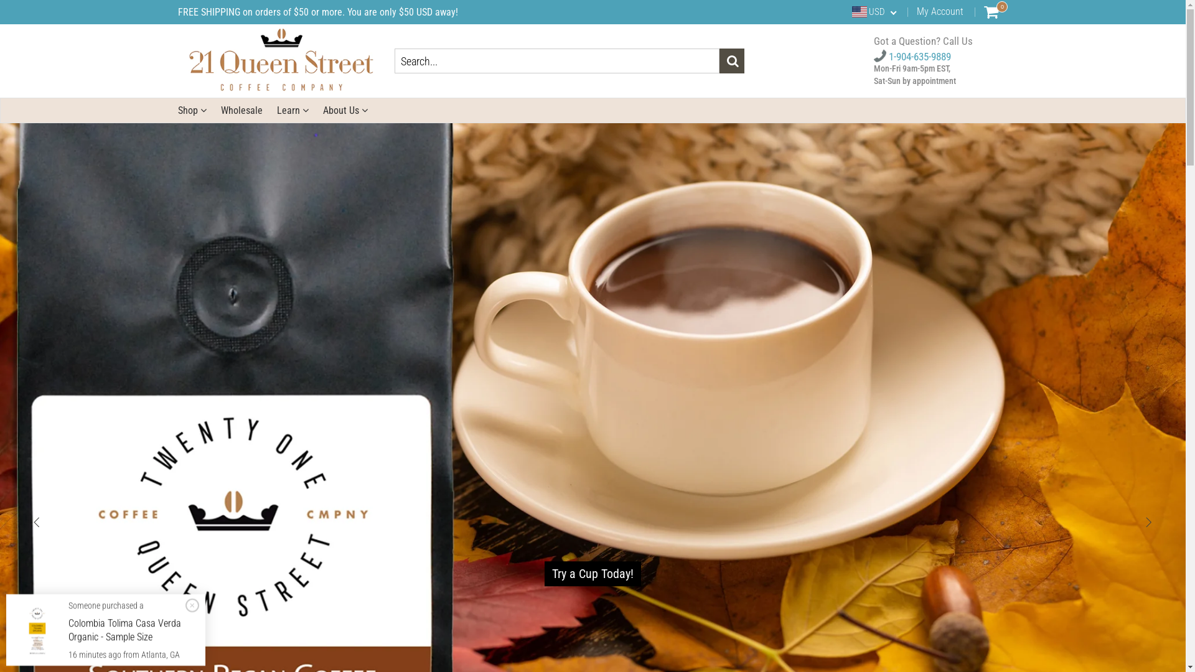 This screenshot has width=1195, height=672. I want to click on 'Colombia Tolima Casa Verda Organic - Sample Size', so click(124, 630).